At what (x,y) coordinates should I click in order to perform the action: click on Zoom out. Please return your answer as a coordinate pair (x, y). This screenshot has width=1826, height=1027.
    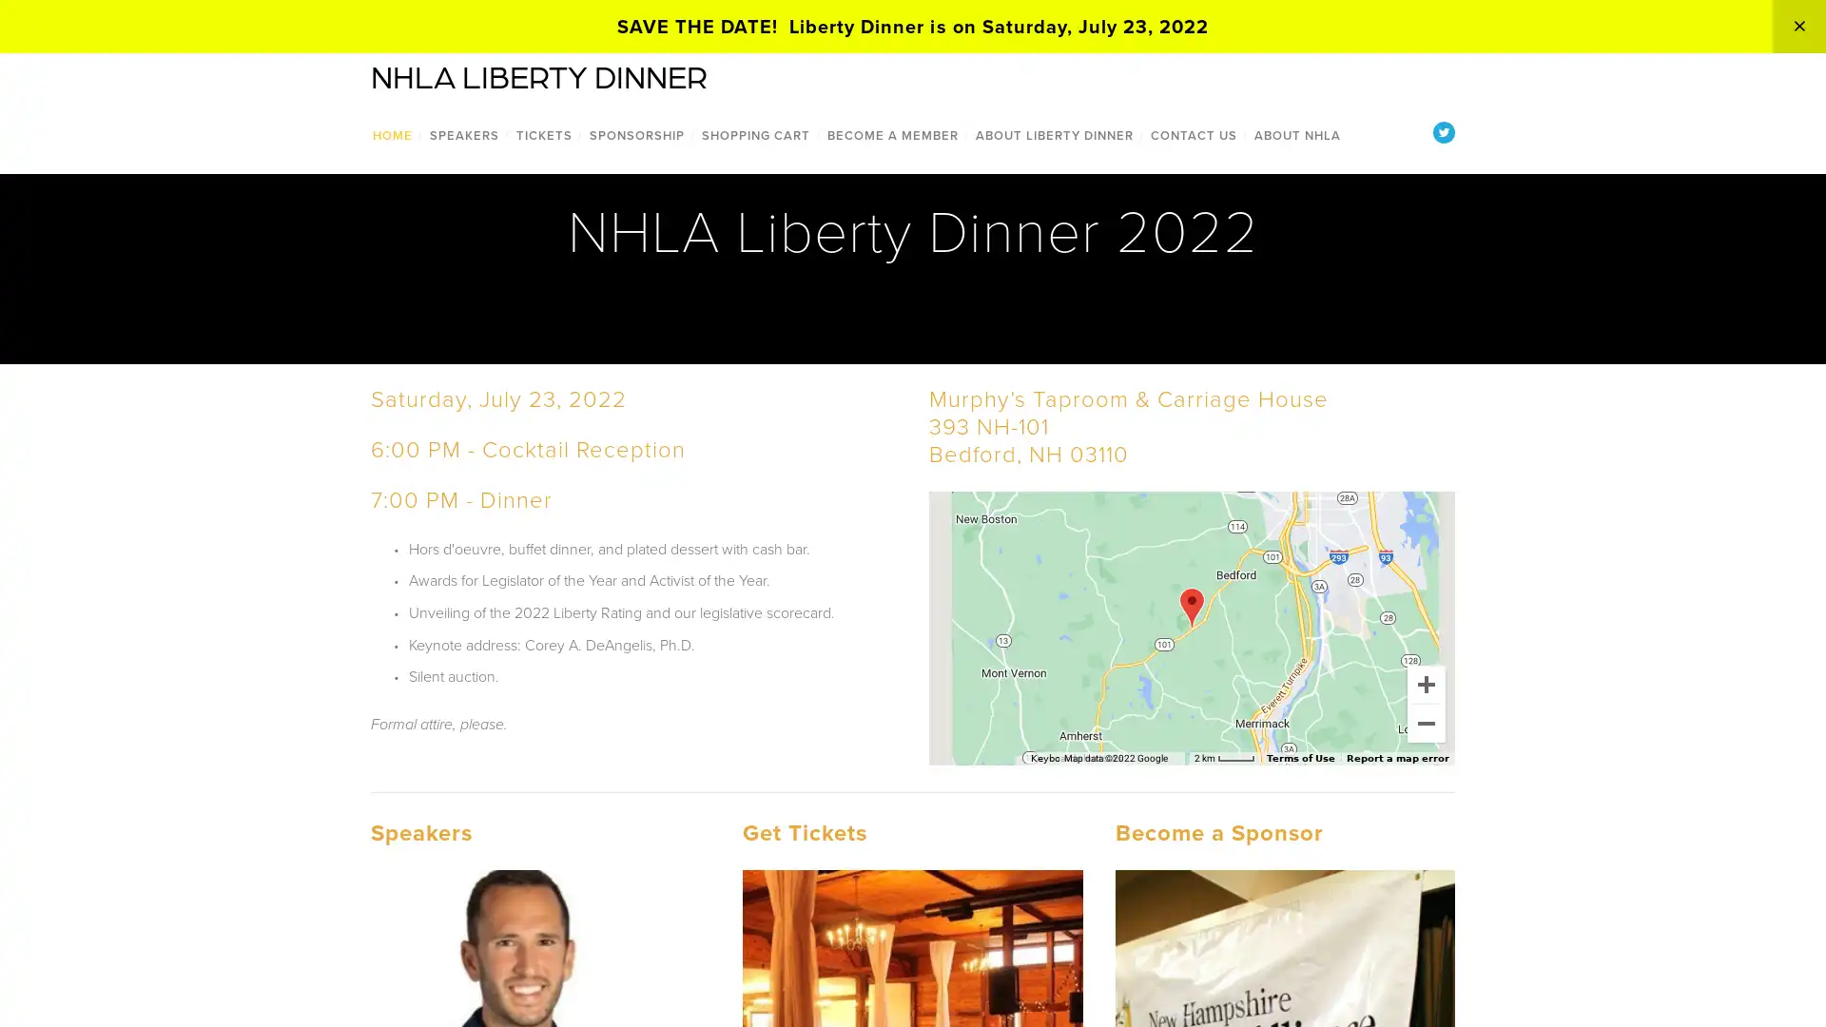
    Looking at the image, I should click on (1426, 722).